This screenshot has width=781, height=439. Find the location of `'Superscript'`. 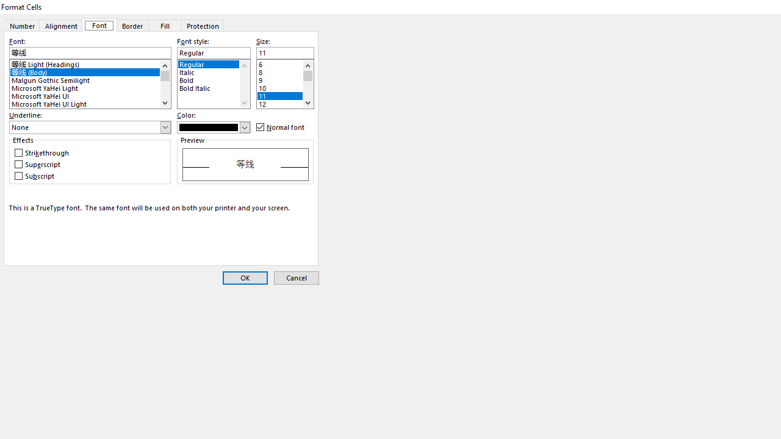

'Superscript' is located at coordinates (38, 165).